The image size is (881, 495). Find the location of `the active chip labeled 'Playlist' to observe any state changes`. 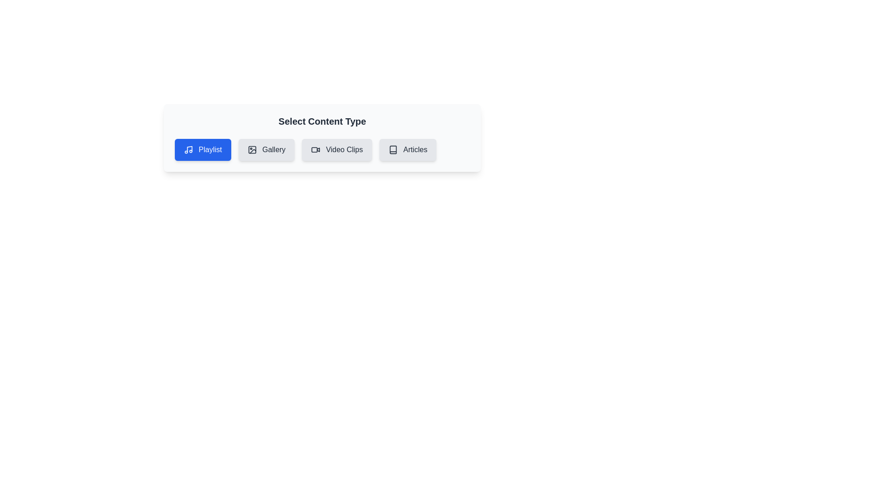

the active chip labeled 'Playlist' to observe any state changes is located at coordinates (202, 149).